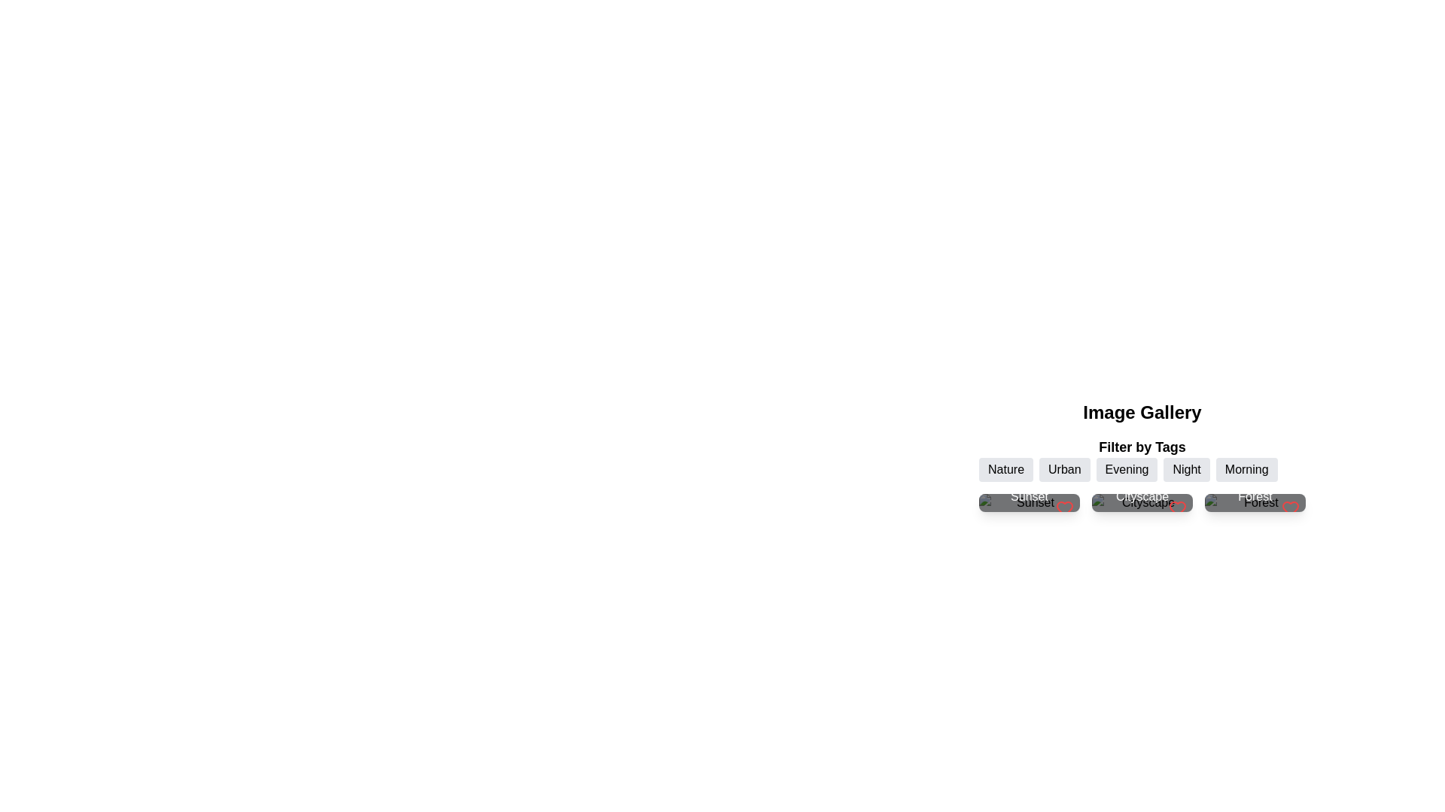  Describe the element at coordinates (1142, 458) in the screenshot. I see `text label that serves as a title above the filter buttons for selecting tags, which indicates their purpose in the interface` at that location.